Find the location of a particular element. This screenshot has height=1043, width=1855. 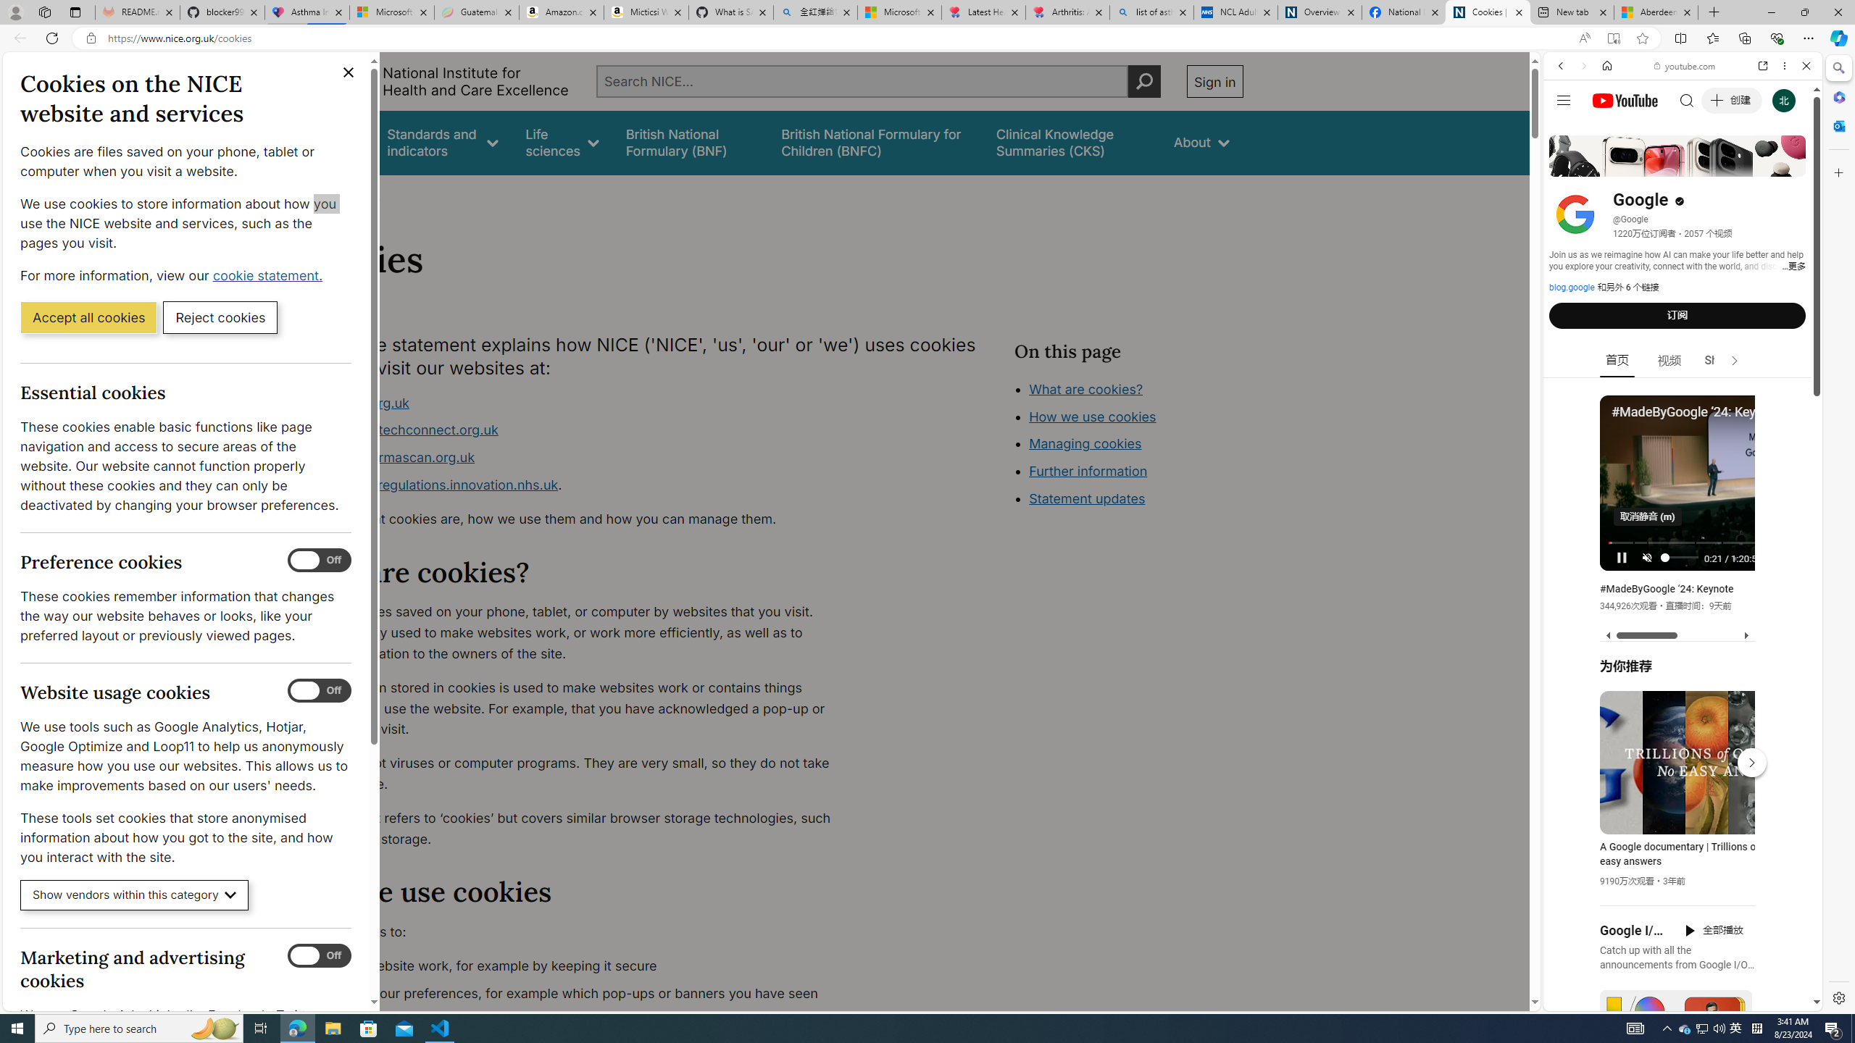

'US[ju]' is located at coordinates (1591, 999).